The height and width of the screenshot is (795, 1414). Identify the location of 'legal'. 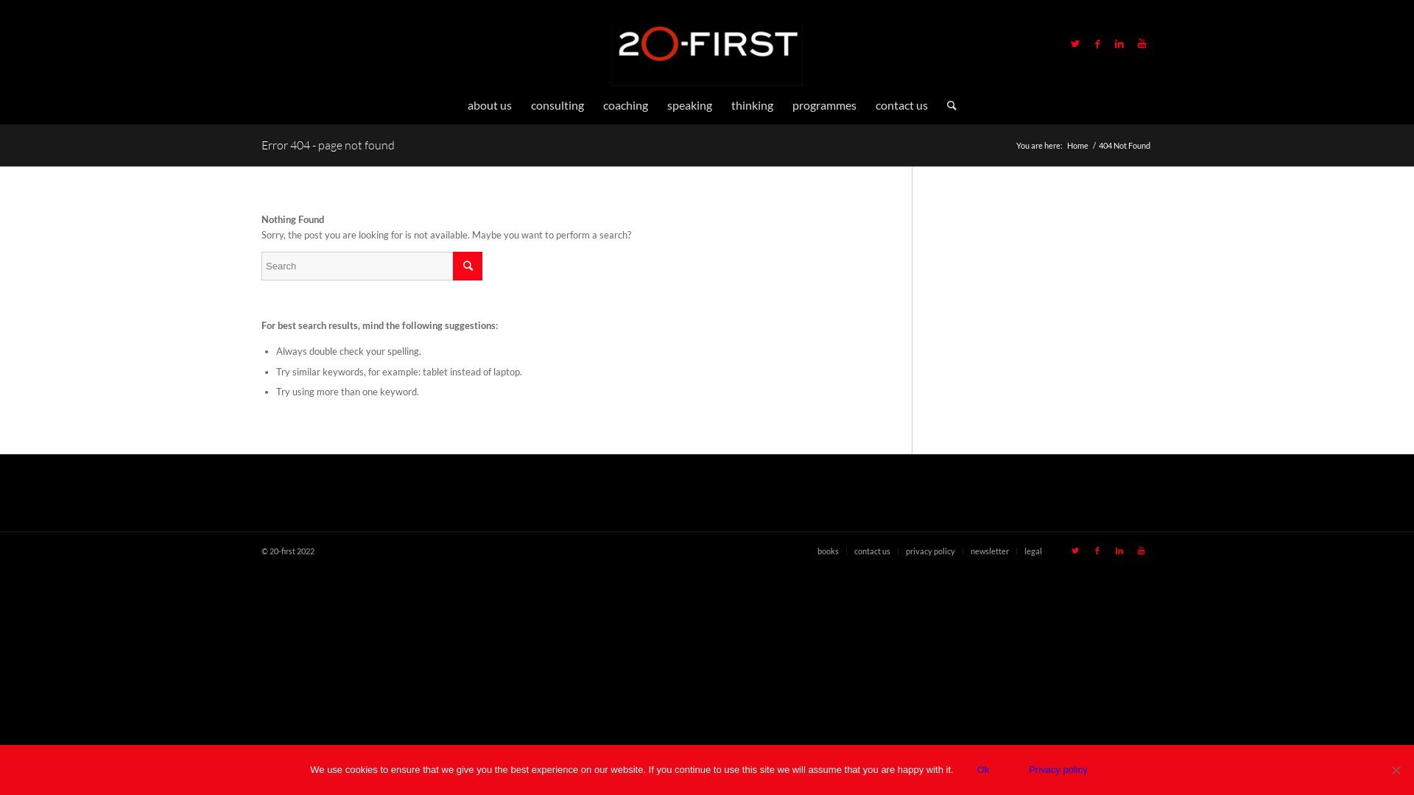
(1024, 551).